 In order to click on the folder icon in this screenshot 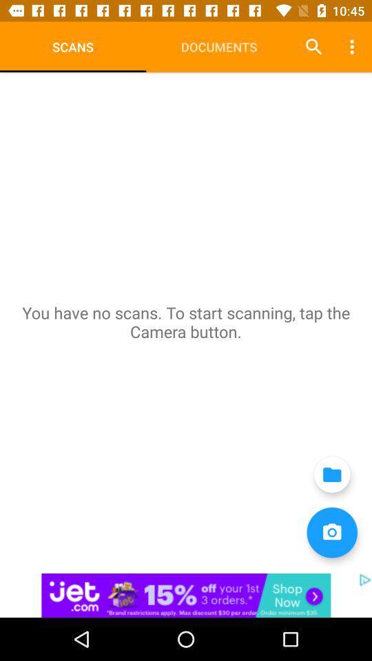, I will do `click(331, 474)`.